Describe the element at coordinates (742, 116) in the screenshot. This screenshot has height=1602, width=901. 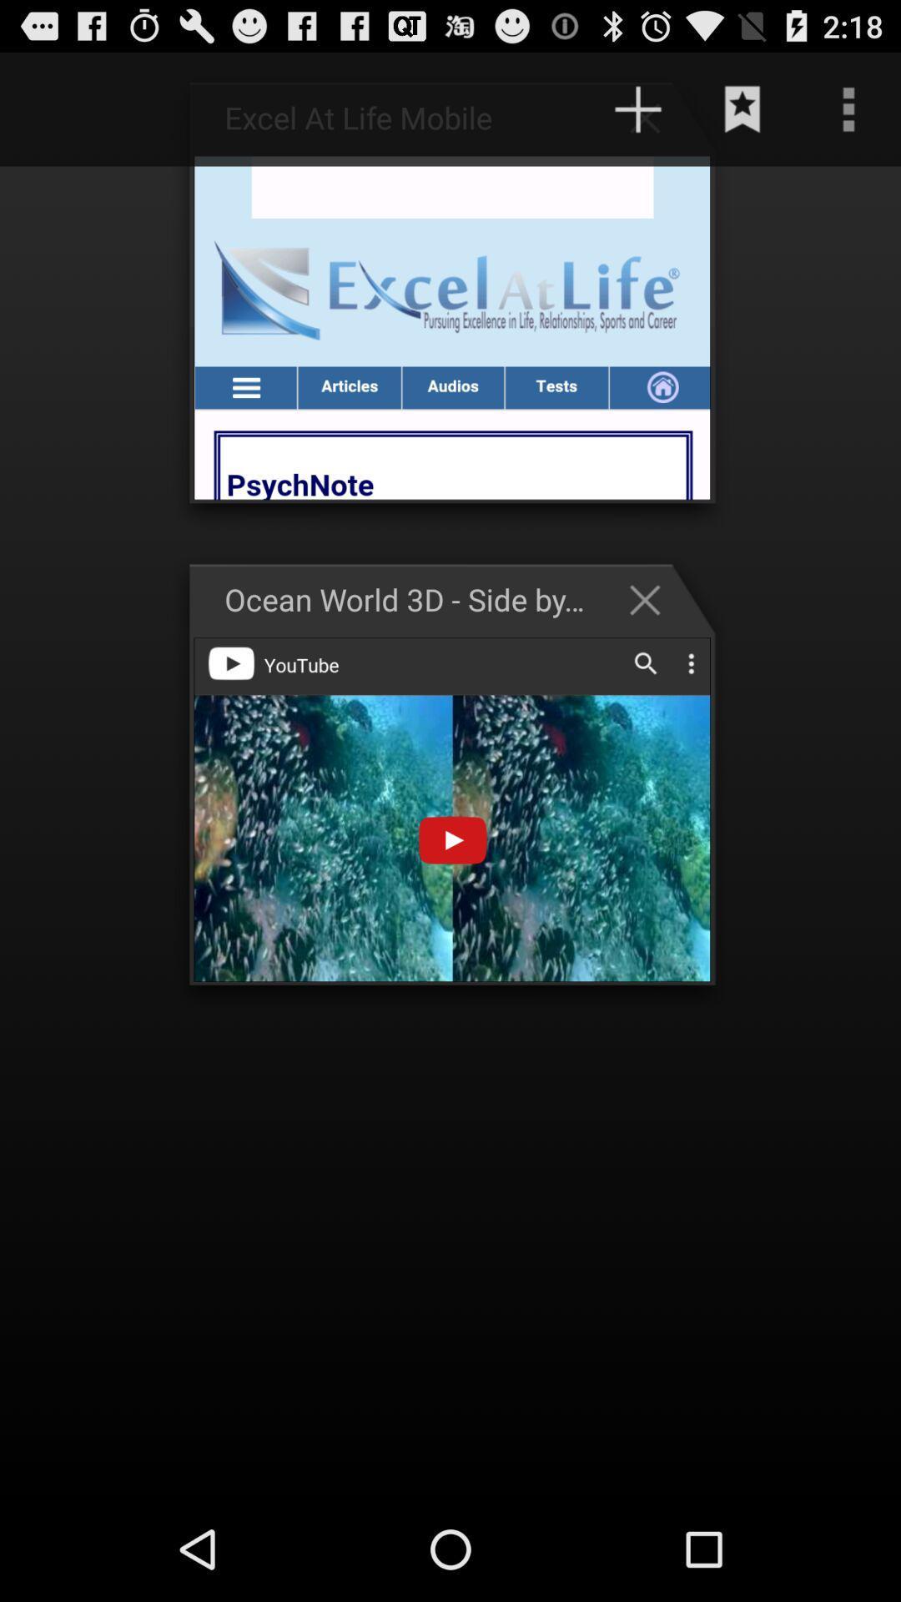
I see `the bookmark icon` at that location.